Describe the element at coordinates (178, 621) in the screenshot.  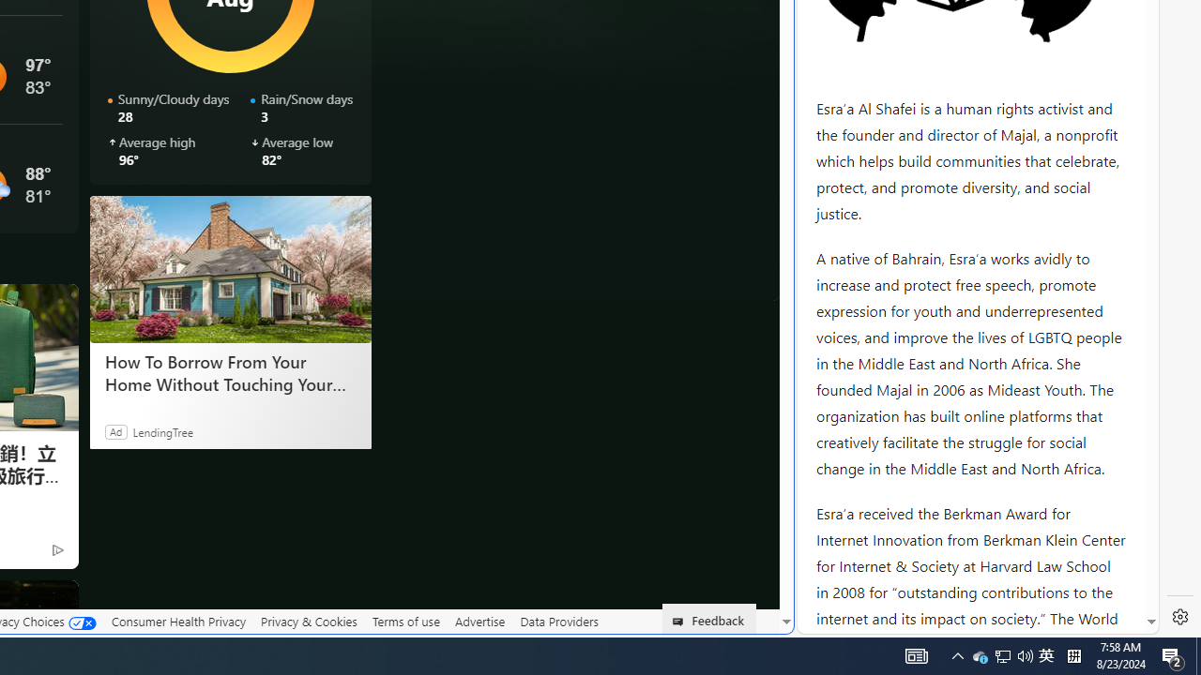
I see `'Consumer Health Privacy'` at that location.